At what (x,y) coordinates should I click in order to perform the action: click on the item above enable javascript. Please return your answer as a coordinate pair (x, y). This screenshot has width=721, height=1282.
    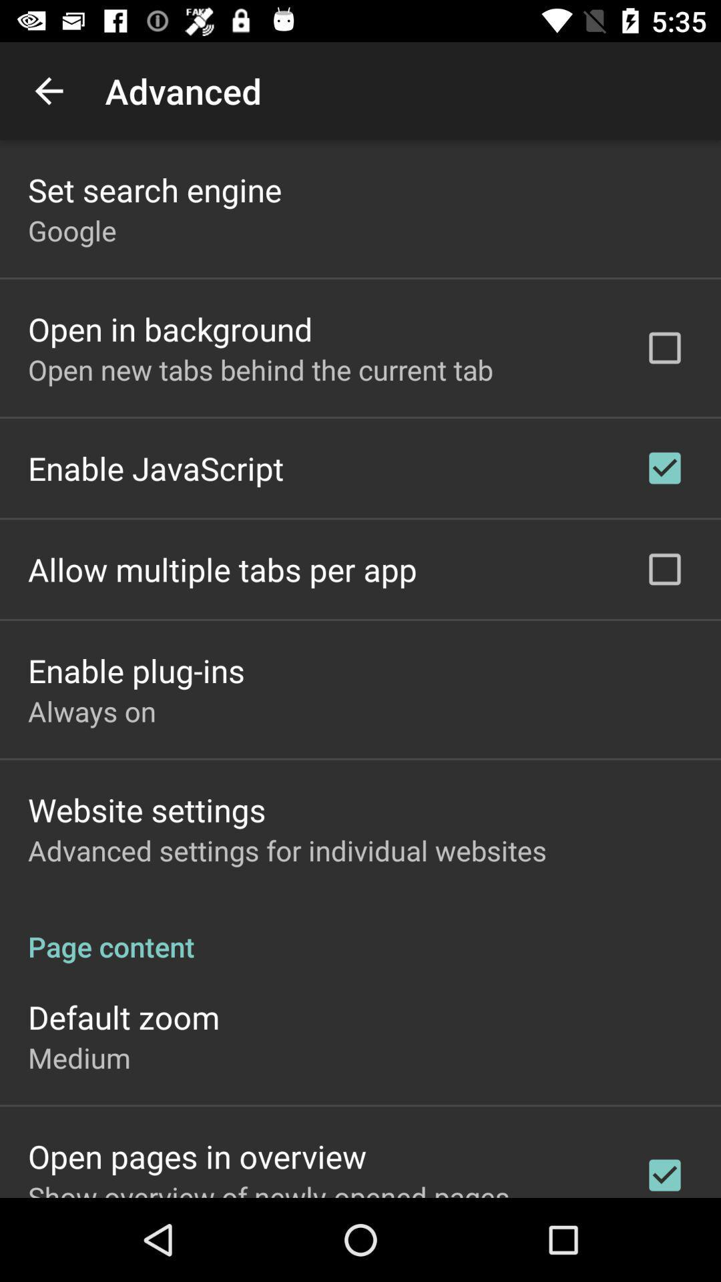
    Looking at the image, I should click on (260, 369).